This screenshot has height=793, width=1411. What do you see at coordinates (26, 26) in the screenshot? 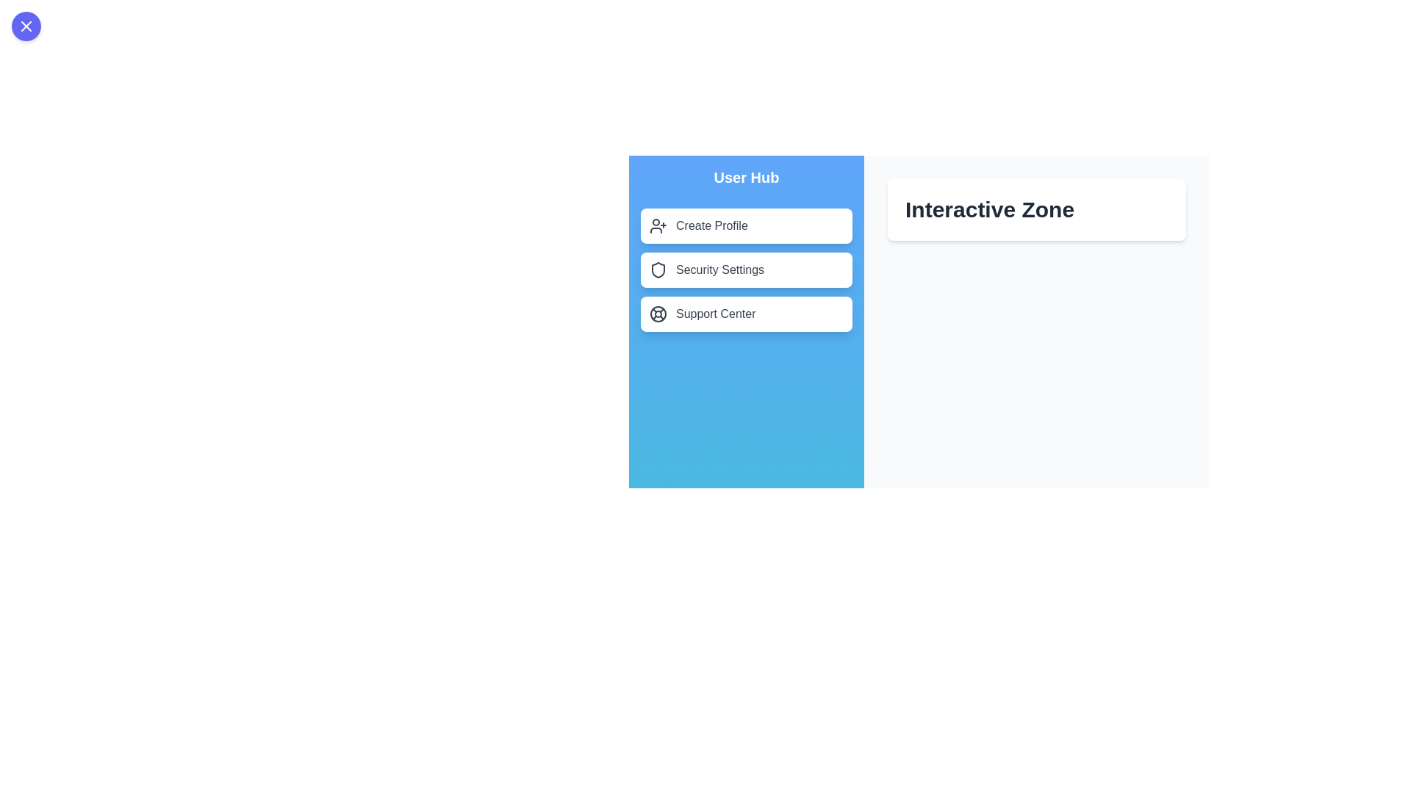
I see `the top-left button to toggle the drawer` at bounding box center [26, 26].